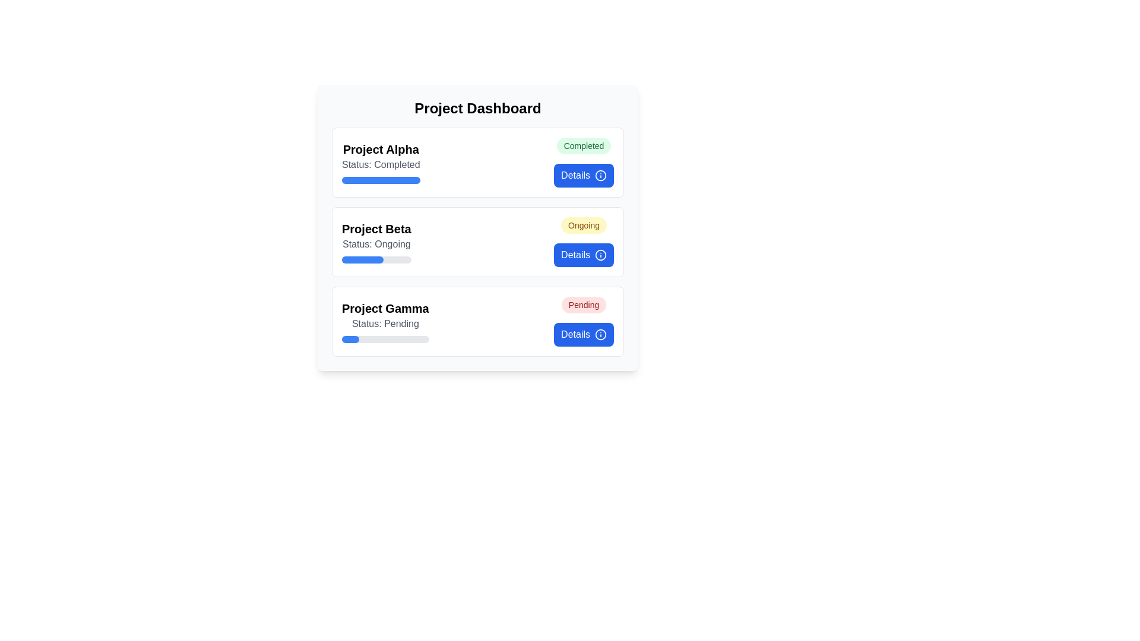 Image resolution: width=1140 pixels, height=641 pixels. I want to click on the button with a blue background and white text located at the bottom right corner of the 'Project Gamma' section, positioned after the 'Pending' label, so click(584, 334).